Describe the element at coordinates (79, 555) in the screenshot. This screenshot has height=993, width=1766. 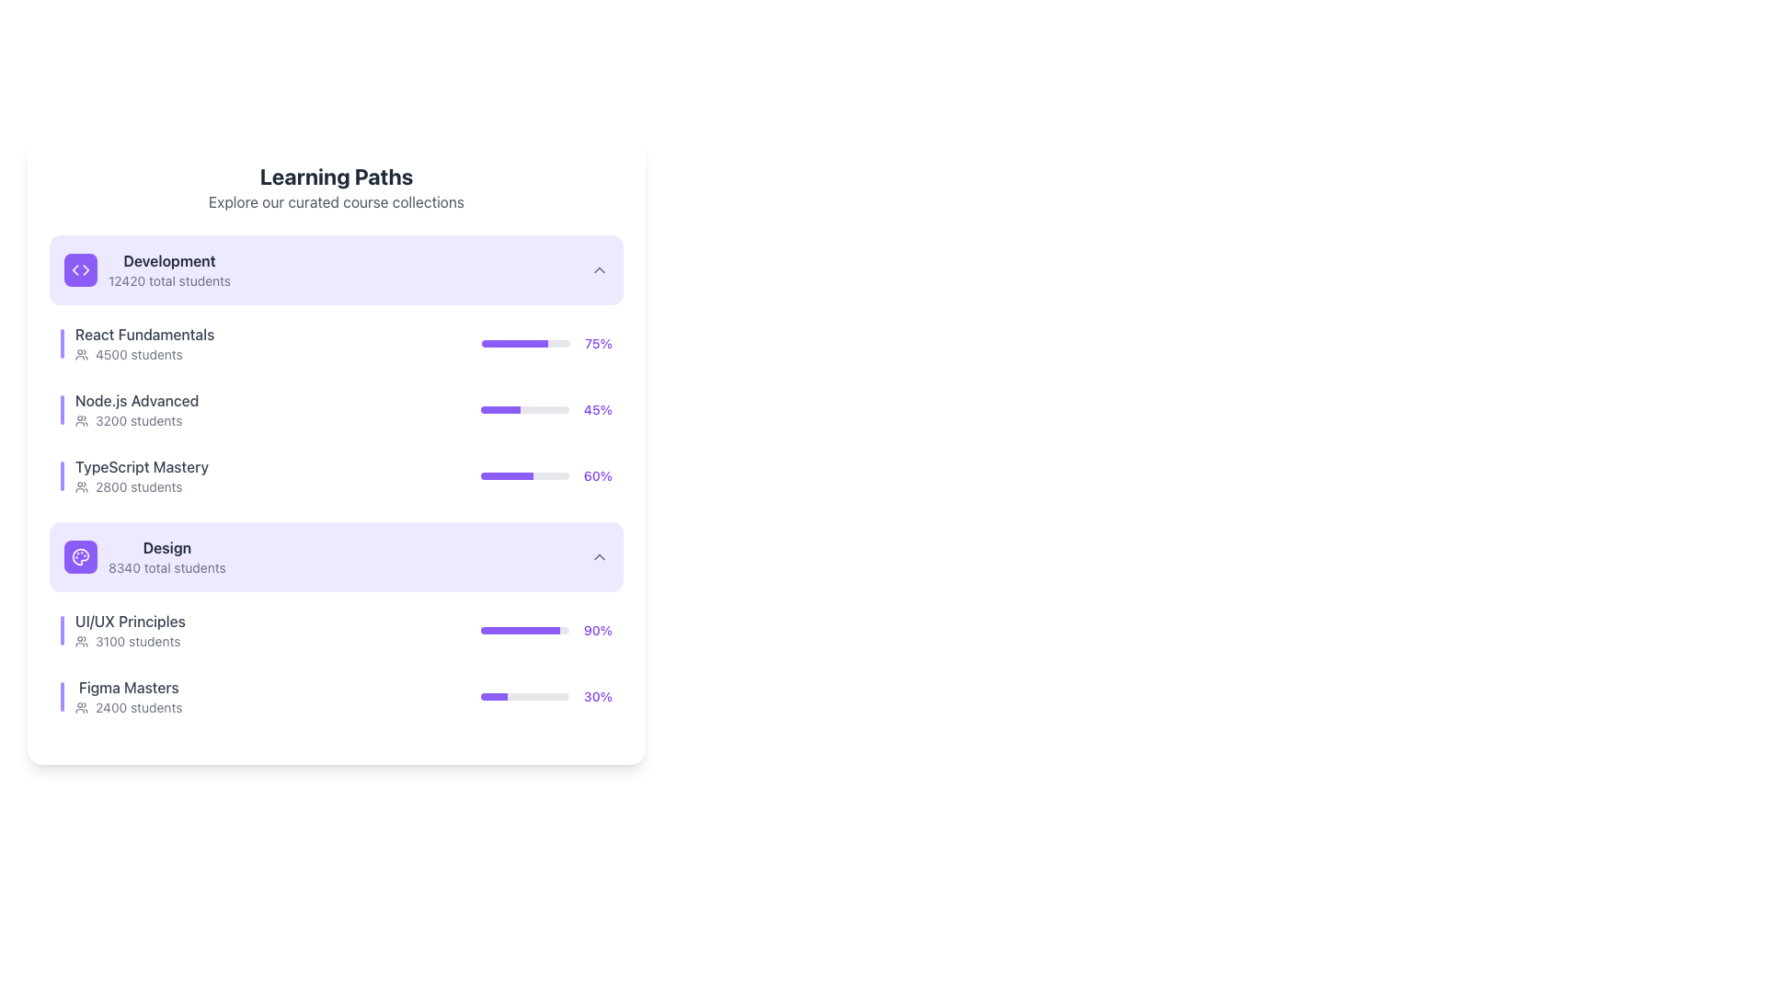
I see `the Icon Button located to the left of the text 'Design 8340 total students' in the 'Design' section of the interface` at that location.